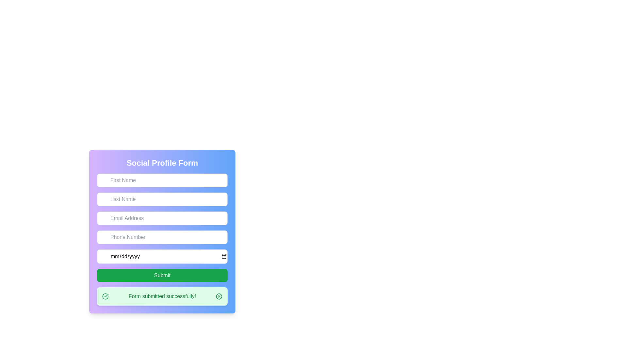 The height and width of the screenshot is (353, 627). Describe the element at coordinates (105, 296) in the screenshot. I see `the SVG graphic icon styled with a circular contour, which represents a status indicator and is located to the left of the success message` at that location.